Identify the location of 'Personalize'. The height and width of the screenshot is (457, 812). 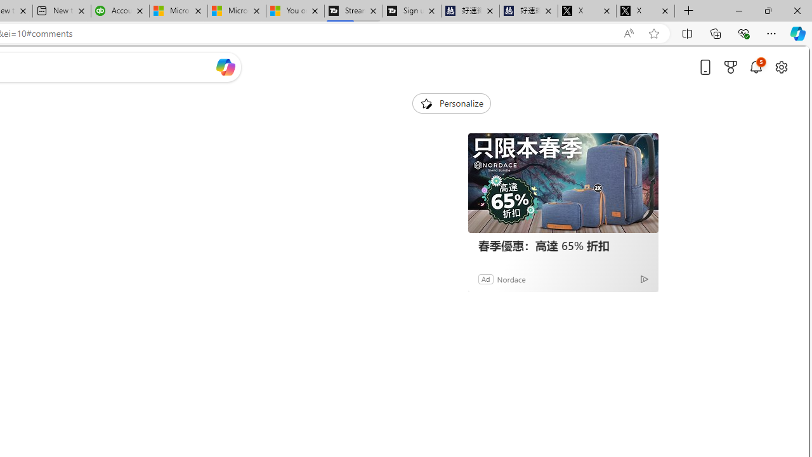
(451, 103).